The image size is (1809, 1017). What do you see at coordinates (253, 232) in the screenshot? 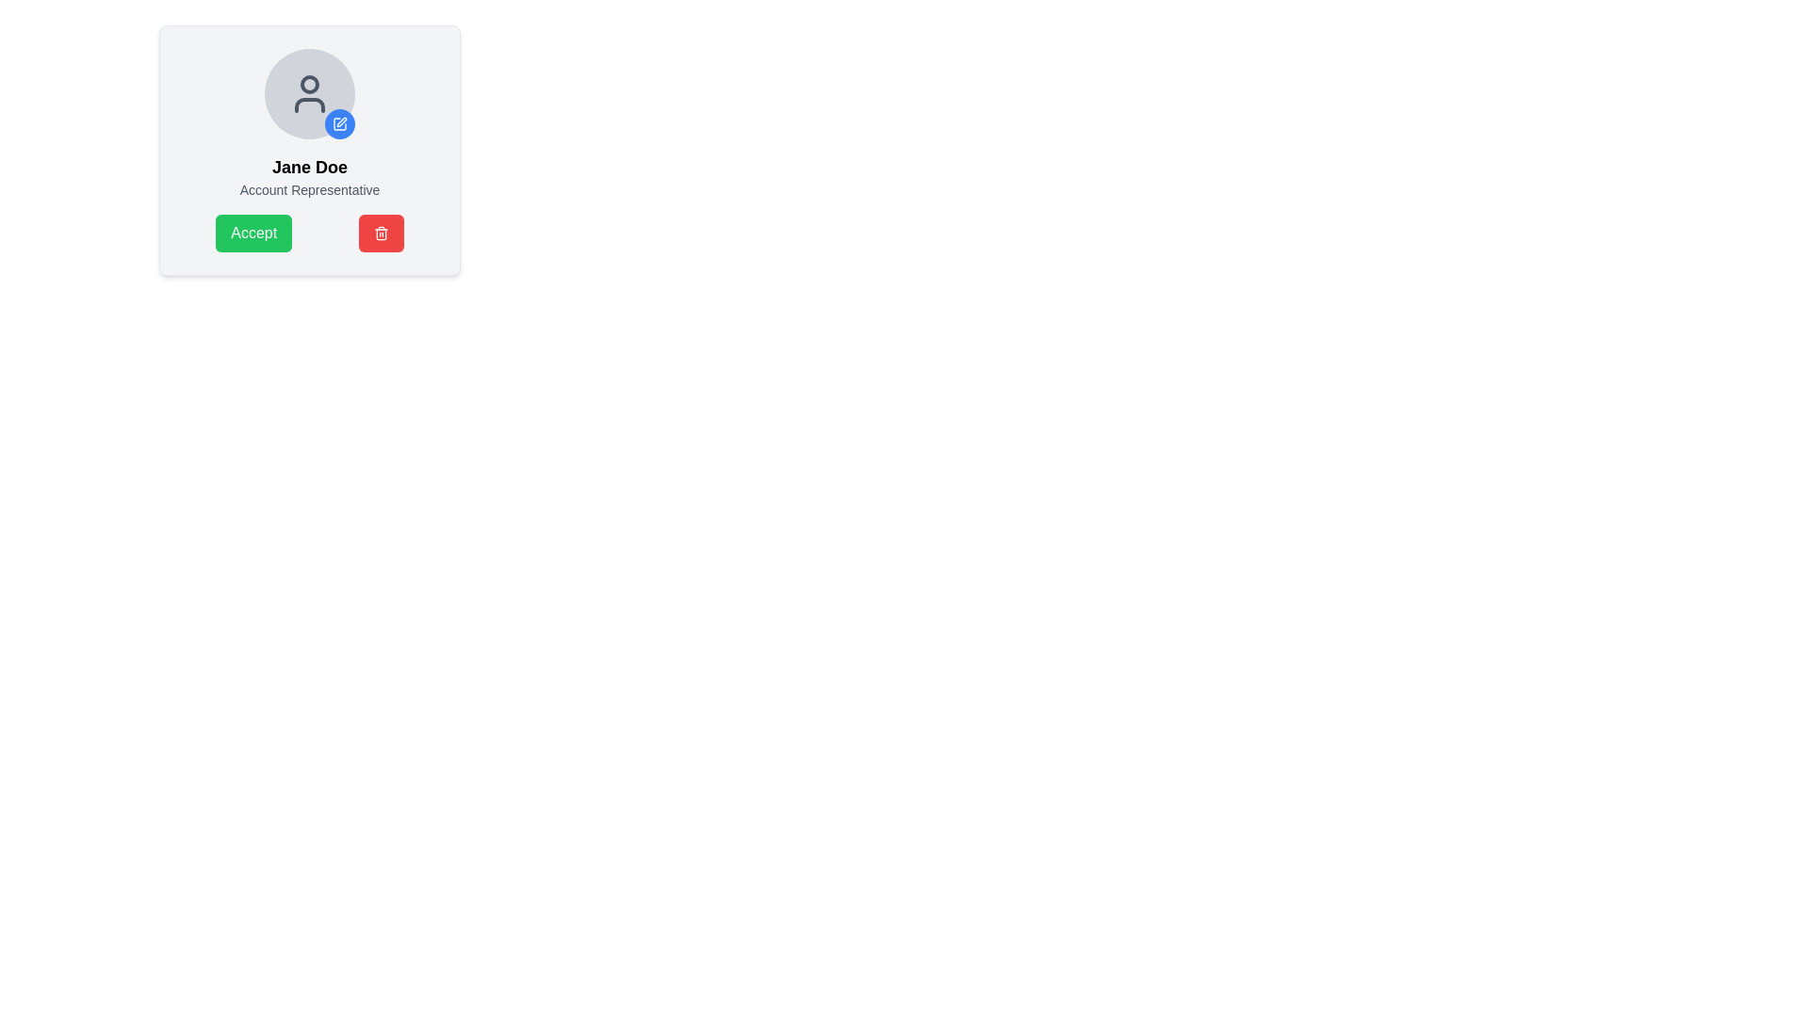
I see `the green 'Accept' button with rounded corners located at the bottom of the user details card` at bounding box center [253, 232].